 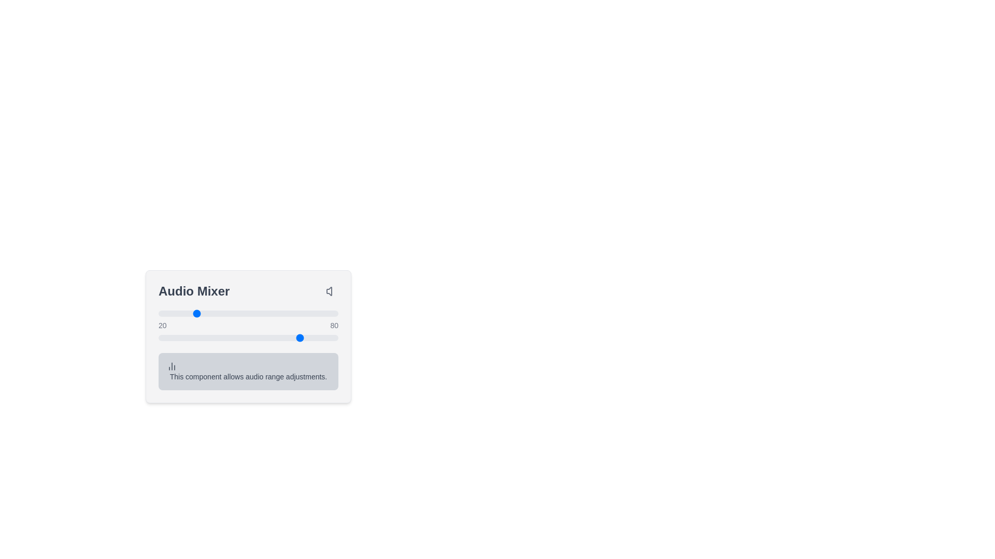 I want to click on the slider, so click(x=294, y=313).